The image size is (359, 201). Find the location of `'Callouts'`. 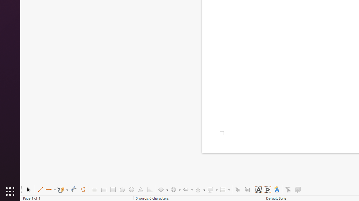

'Callouts' is located at coordinates (238, 189).